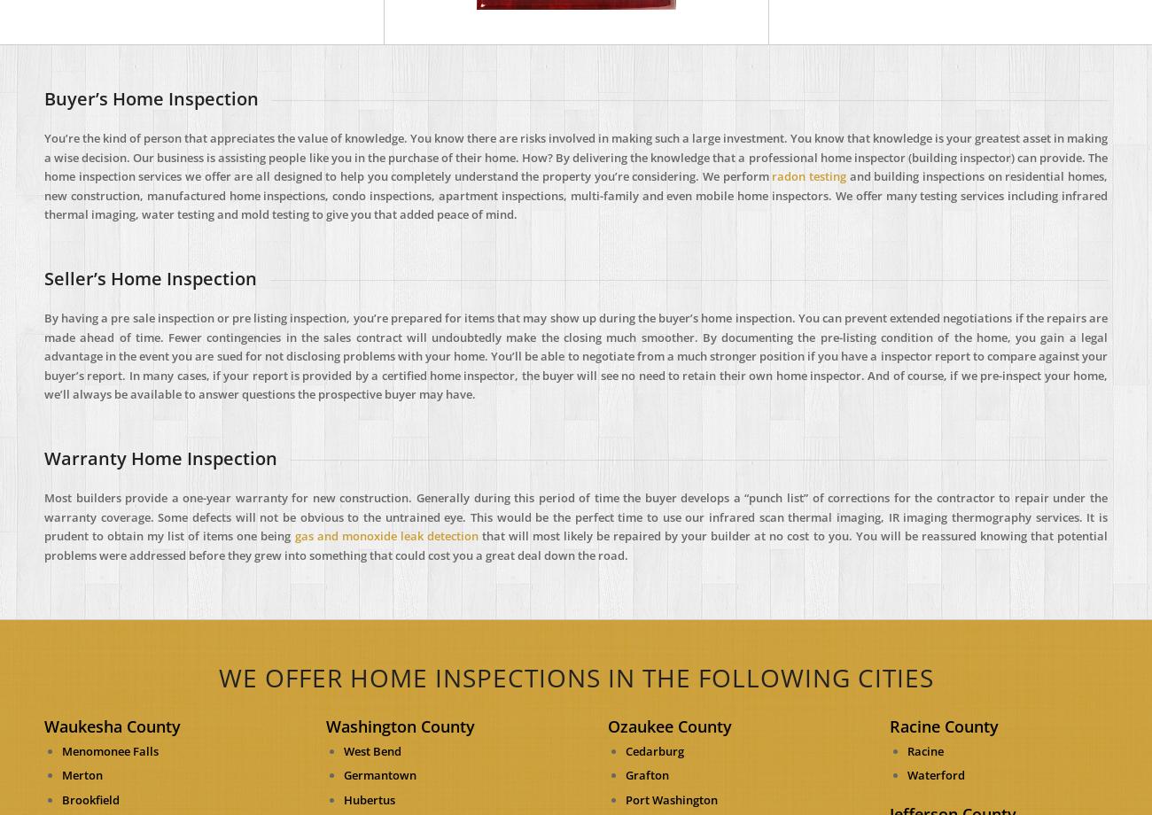 This screenshot has width=1152, height=815. Describe the element at coordinates (655, 749) in the screenshot. I see `'Cedarburg'` at that location.